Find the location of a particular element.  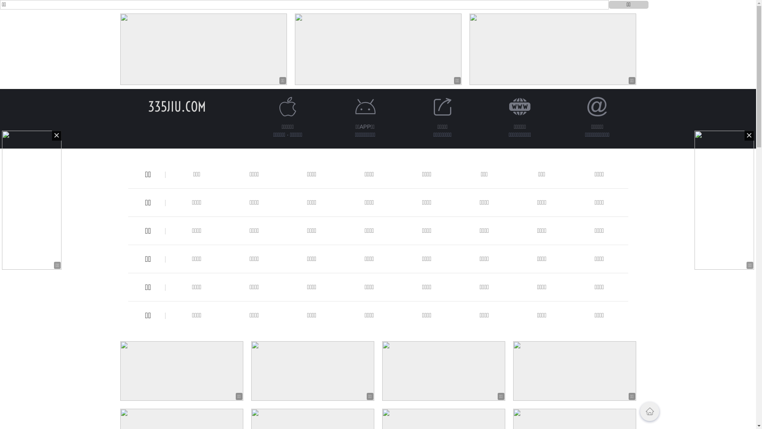

'335JIU.COM' is located at coordinates (176, 106).